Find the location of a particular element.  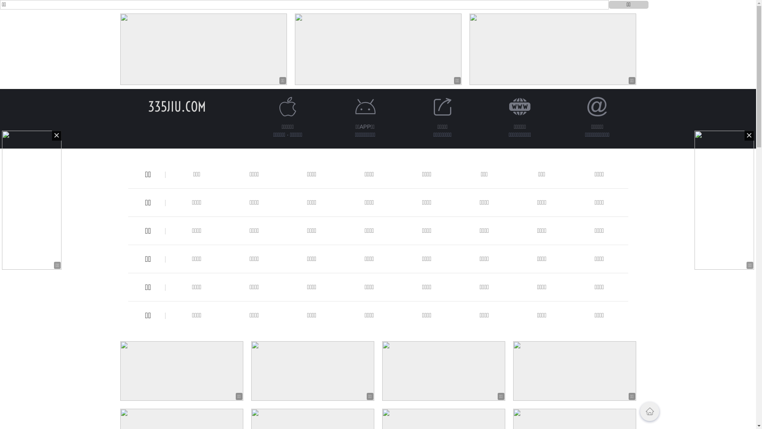

'335JIU.COM' is located at coordinates (176, 106).